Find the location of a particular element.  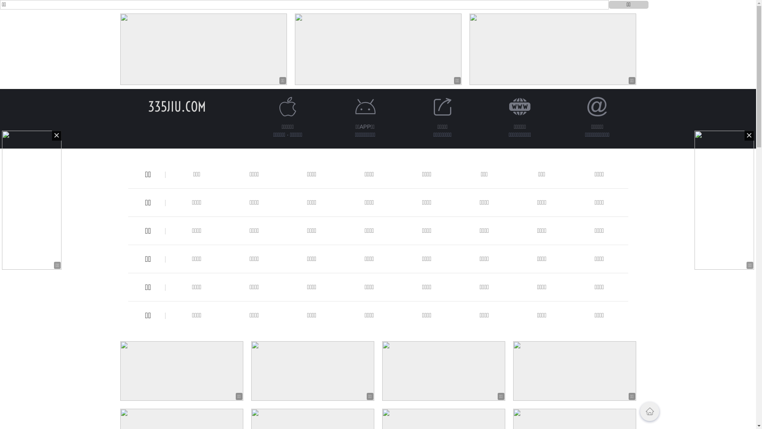

'335JIU.COM' is located at coordinates (176, 106).